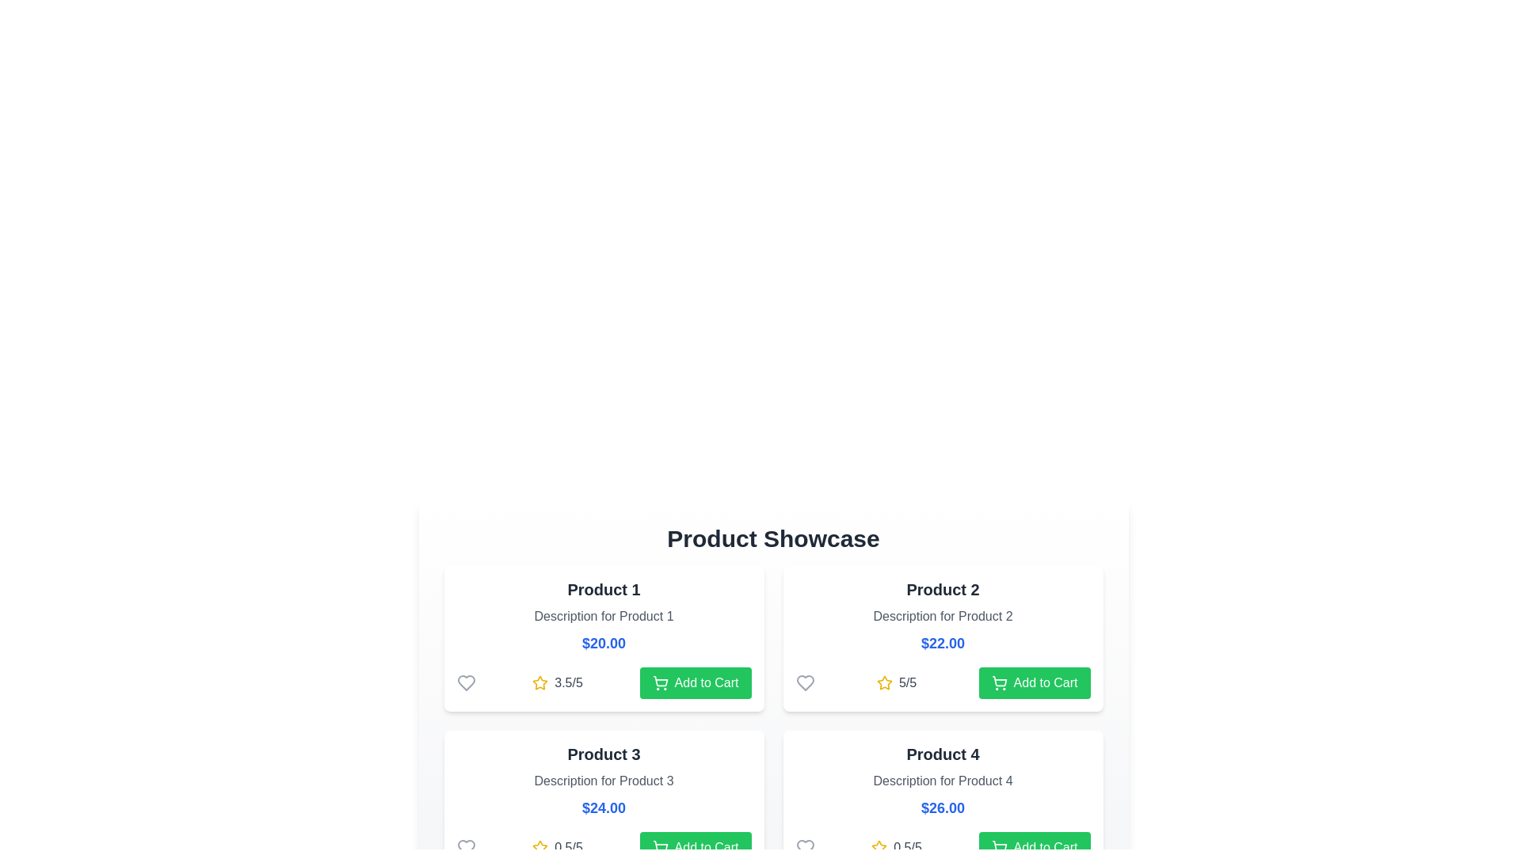 This screenshot has width=1521, height=855. What do you see at coordinates (943, 589) in the screenshot?
I see `the text label displaying 'Product 2', which is prominently positioned as the title in the card interface for the product` at bounding box center [943, 589].